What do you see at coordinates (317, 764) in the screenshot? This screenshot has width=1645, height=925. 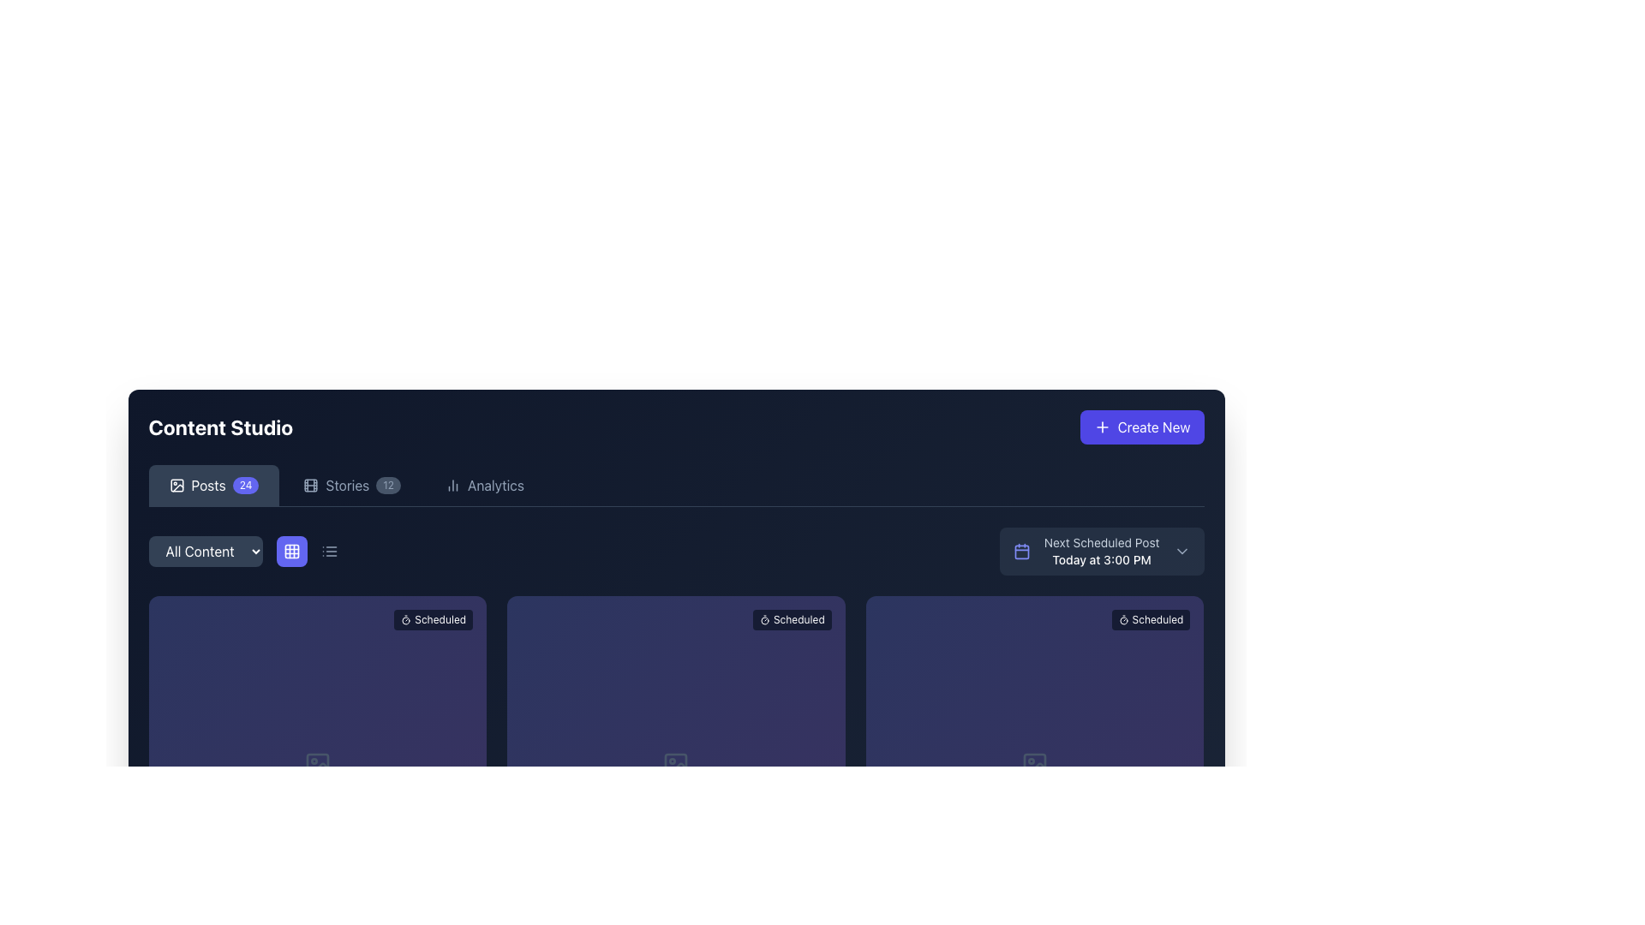 I see `the icon resembling an image with a rounded rectangle boundary and a small circular detail inside it, located at the bottom edge of a grid-like card in the second row of the dashboard` at bounding box center [317, 764].